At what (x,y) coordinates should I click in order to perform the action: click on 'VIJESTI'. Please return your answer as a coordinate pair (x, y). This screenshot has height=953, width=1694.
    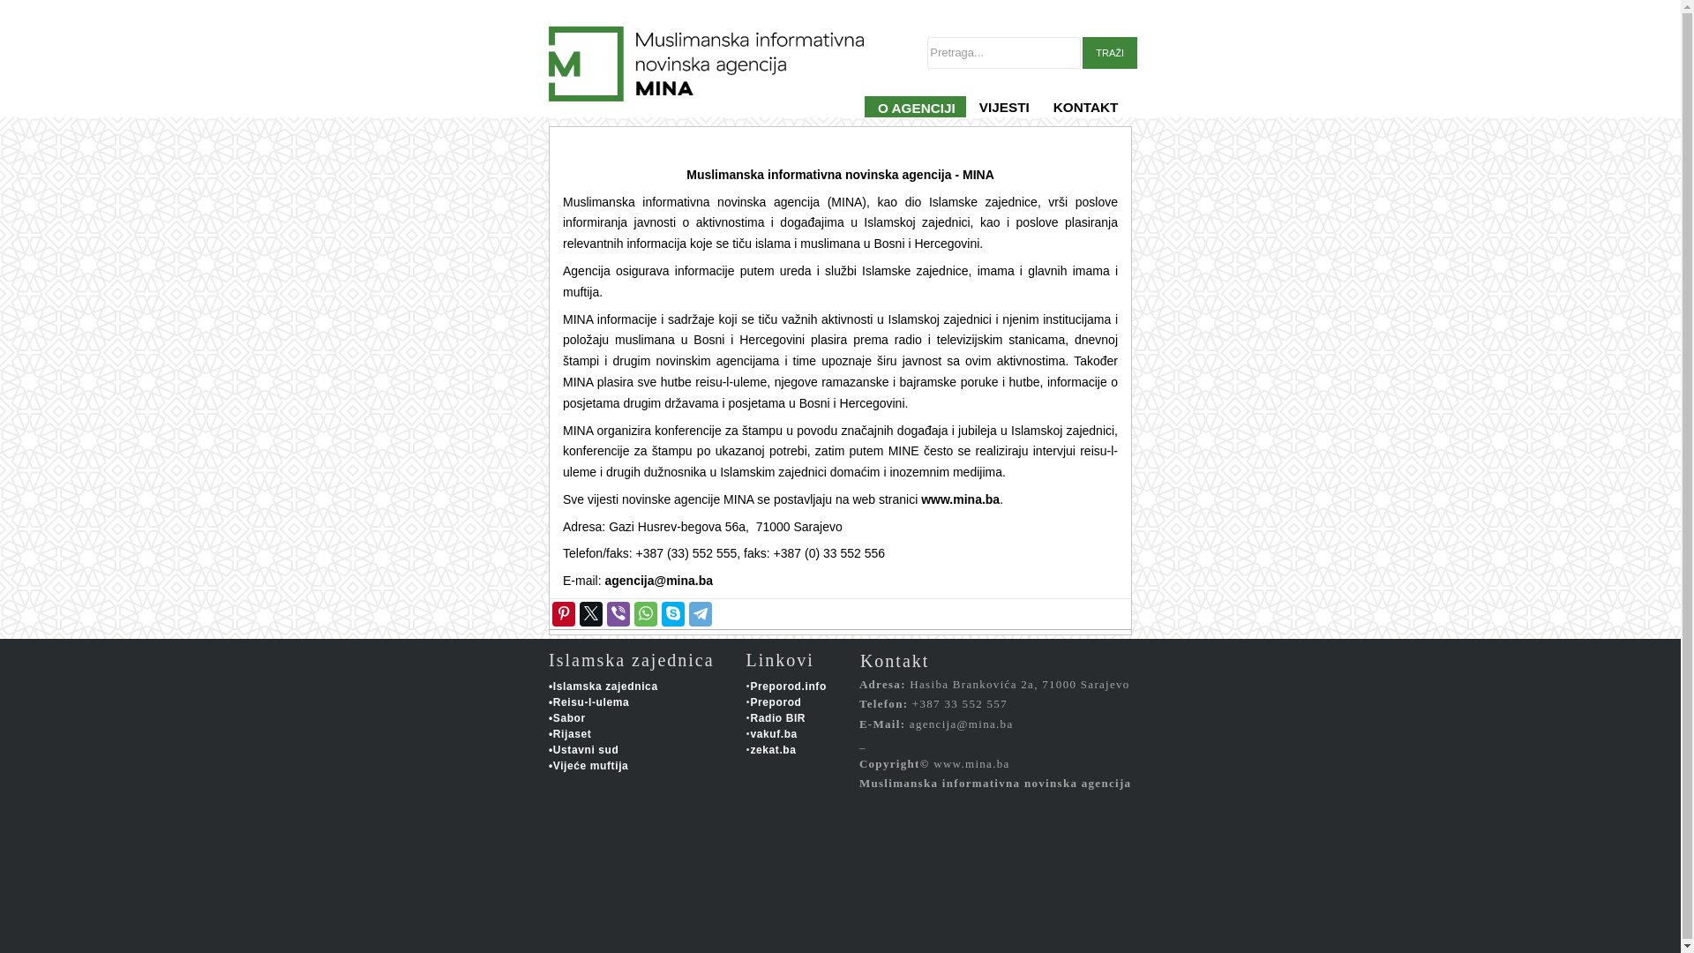
    Looking at the image, I should click on (1003, 117).